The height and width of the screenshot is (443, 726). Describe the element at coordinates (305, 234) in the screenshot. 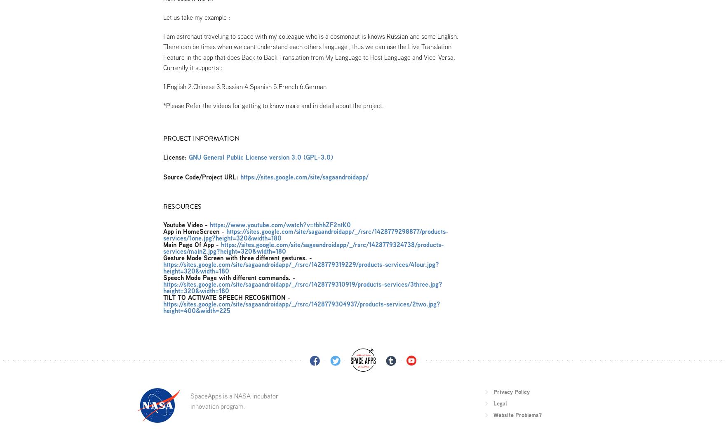

I see `'https://sites.google.com/site/sagaandroidapp/_/rsrc/1428779298877/products-services/1one.jpg?height=320&width=180'` at that location.